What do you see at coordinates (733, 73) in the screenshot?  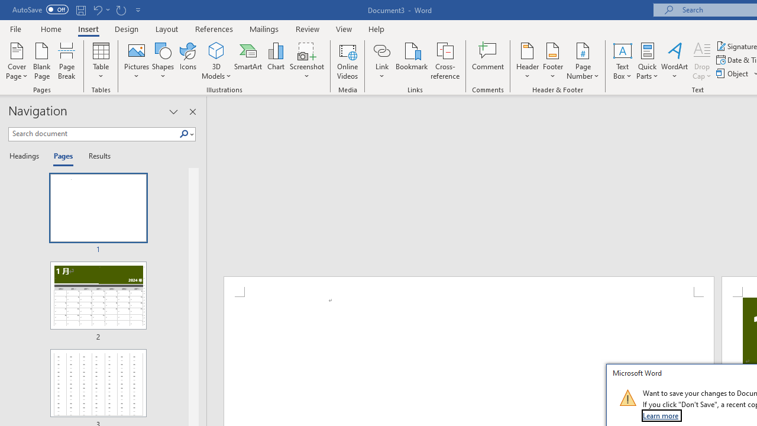 I see `'Object...'` at bounding box center [733, 73].